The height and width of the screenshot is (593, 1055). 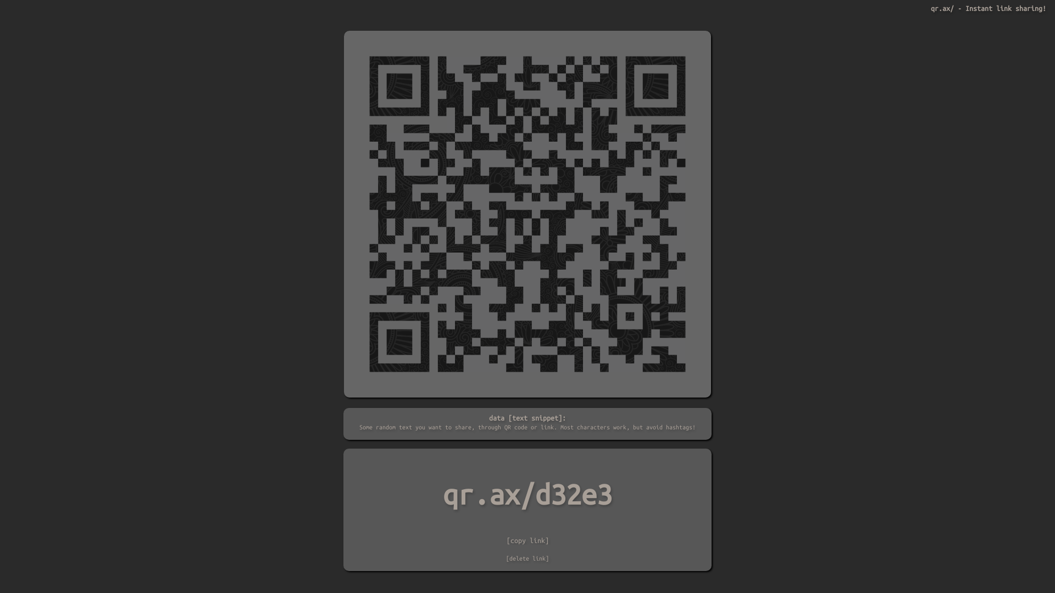 What do you see at coordinates (527, 495) in the screenshot?
I see `'qr.ax/d32e3'` at bounding box center [527, 495].